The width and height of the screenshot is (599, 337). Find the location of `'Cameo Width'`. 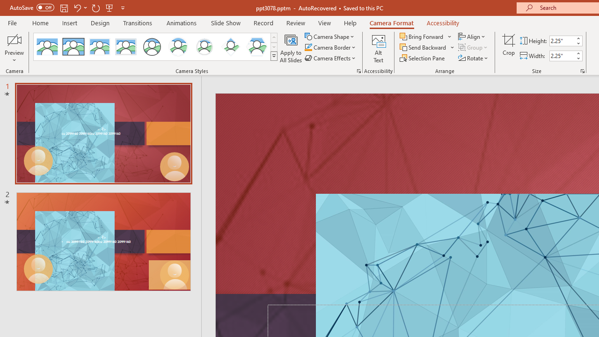

'Cameo Width' is located at coordinates (562, 56).